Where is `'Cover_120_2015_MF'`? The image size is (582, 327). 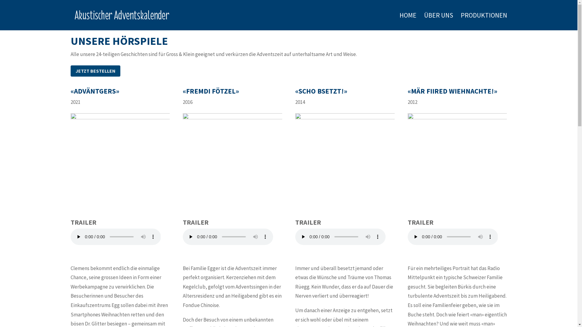
'Cover_120_2015_MF' is located at coordinates (457, 162).